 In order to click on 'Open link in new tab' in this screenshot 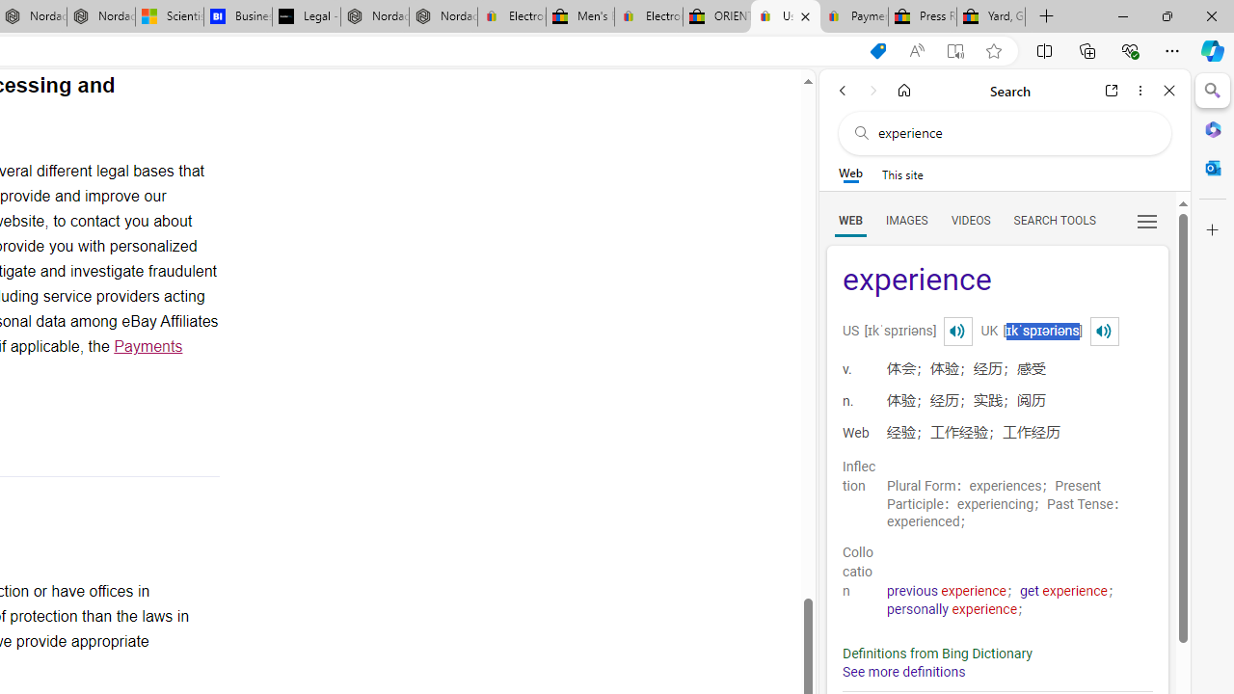, I will do `click(1112, 90)`.